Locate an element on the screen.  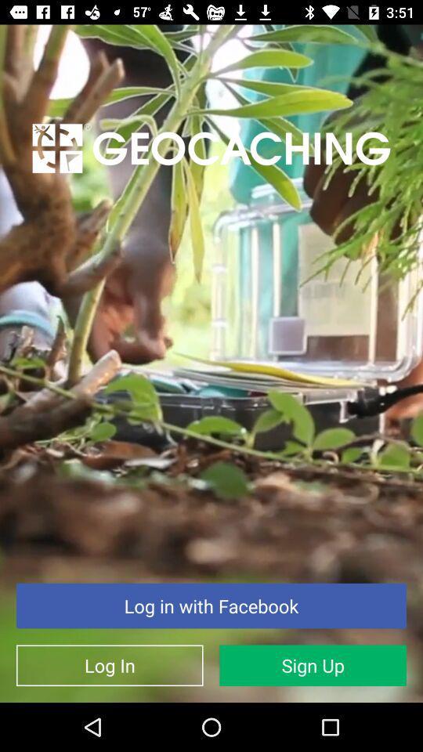
the icon next to the log in item is located at coordinates (313, 664).